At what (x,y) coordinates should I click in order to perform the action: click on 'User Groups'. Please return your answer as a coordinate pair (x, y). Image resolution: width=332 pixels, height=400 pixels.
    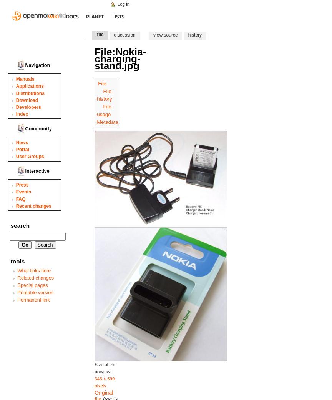
    Looking at the image, I should click on (16, 156).